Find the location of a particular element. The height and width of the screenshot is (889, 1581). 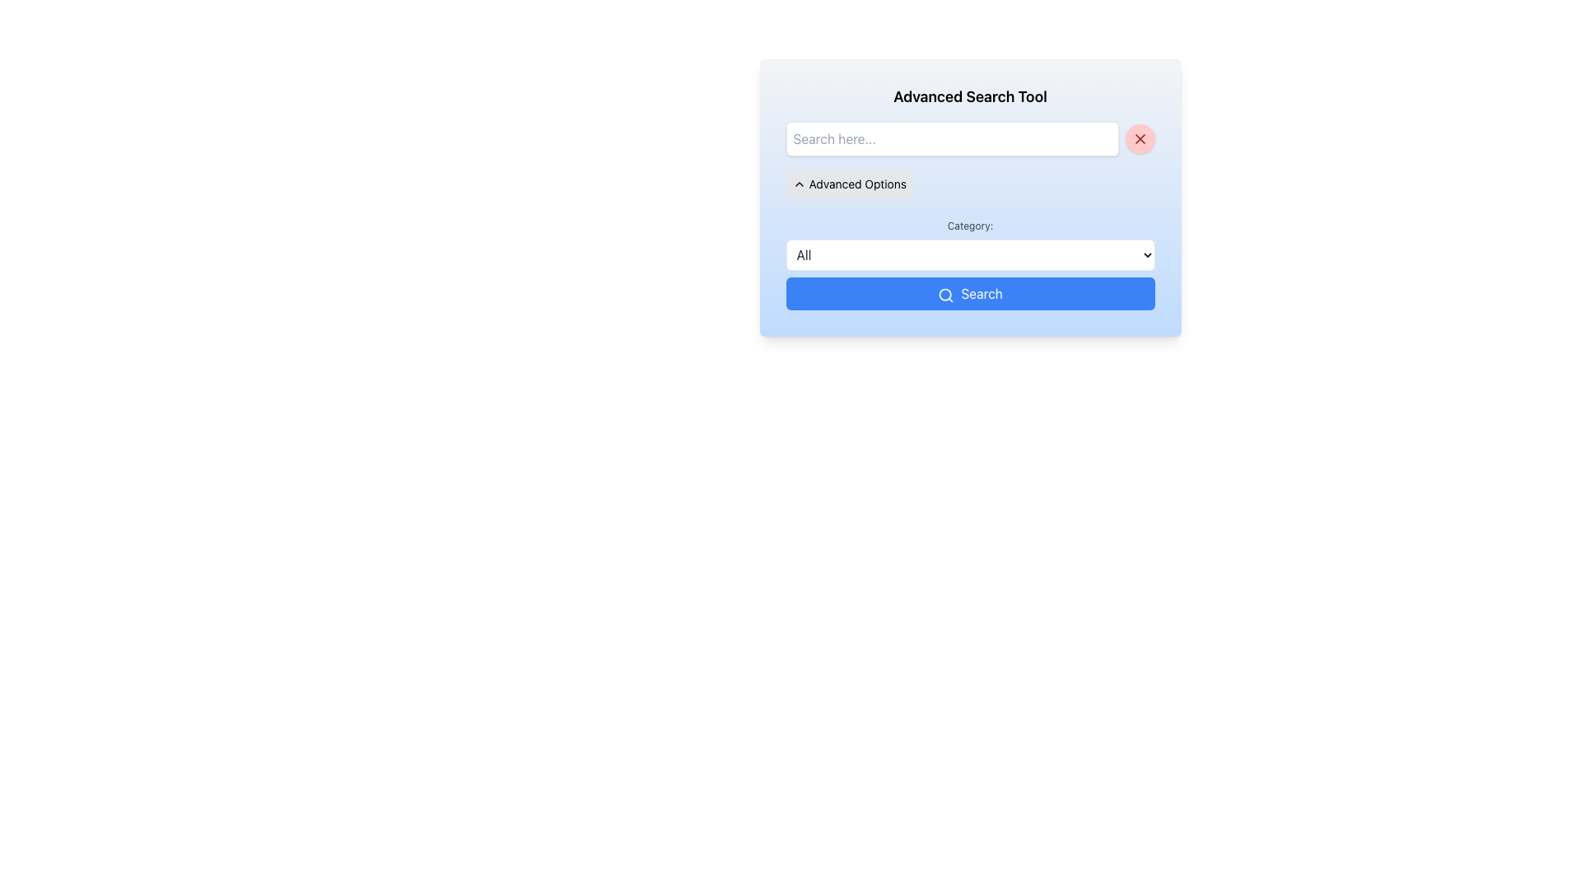

the 'Search' button which contains the leftmost icon indicating the search functionality is located at coordinates (946, 294).